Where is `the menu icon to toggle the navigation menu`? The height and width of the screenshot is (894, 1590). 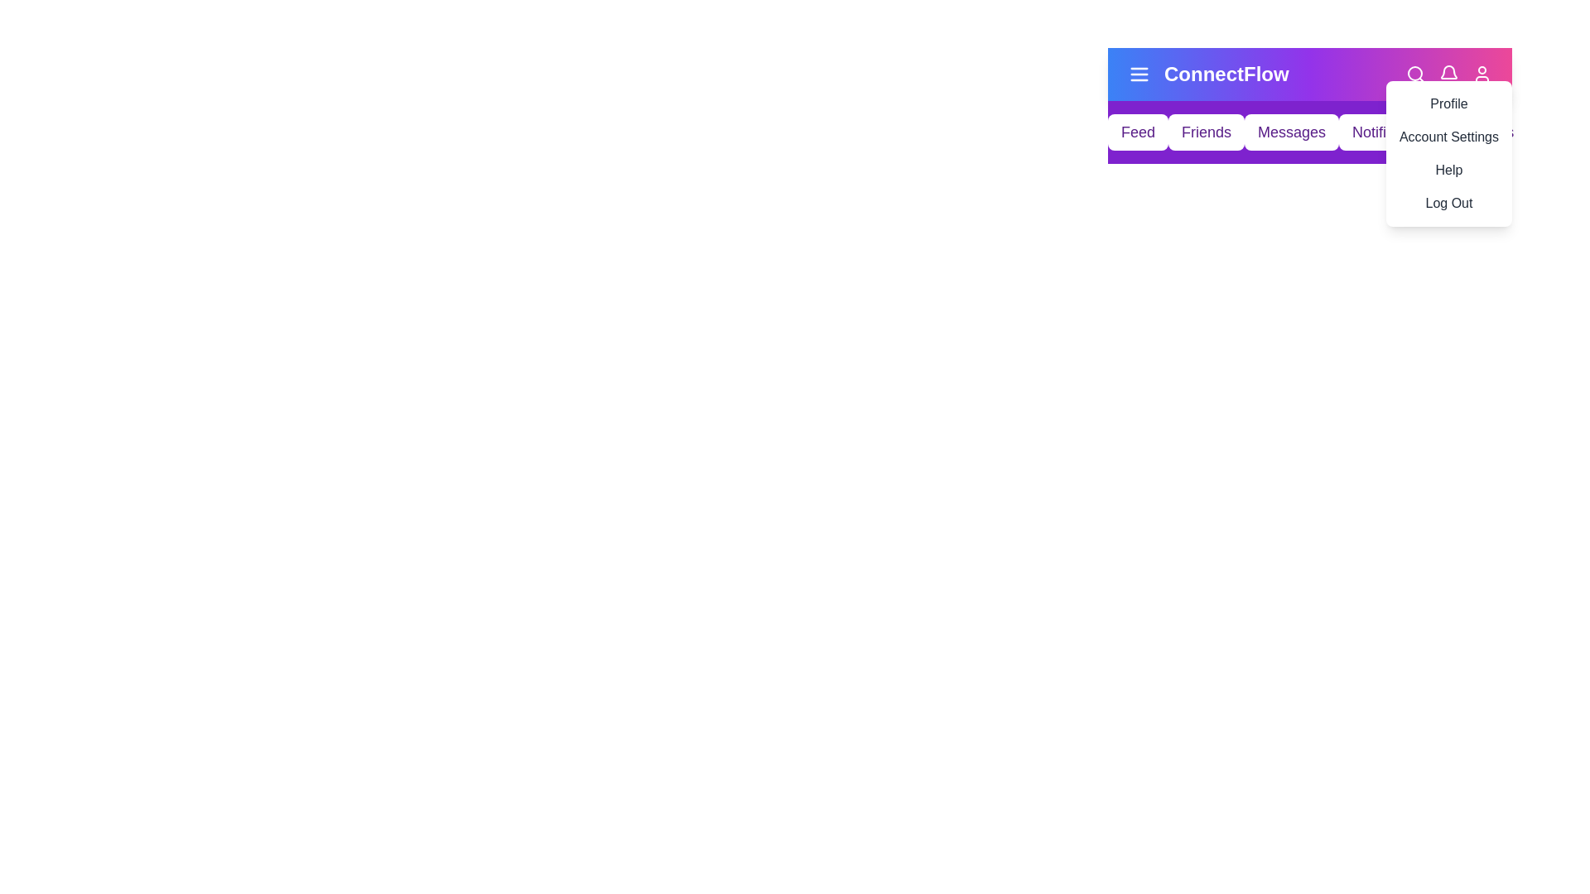 the menu icon to toggle the navigation menu is located at coordinates (1139, 73).